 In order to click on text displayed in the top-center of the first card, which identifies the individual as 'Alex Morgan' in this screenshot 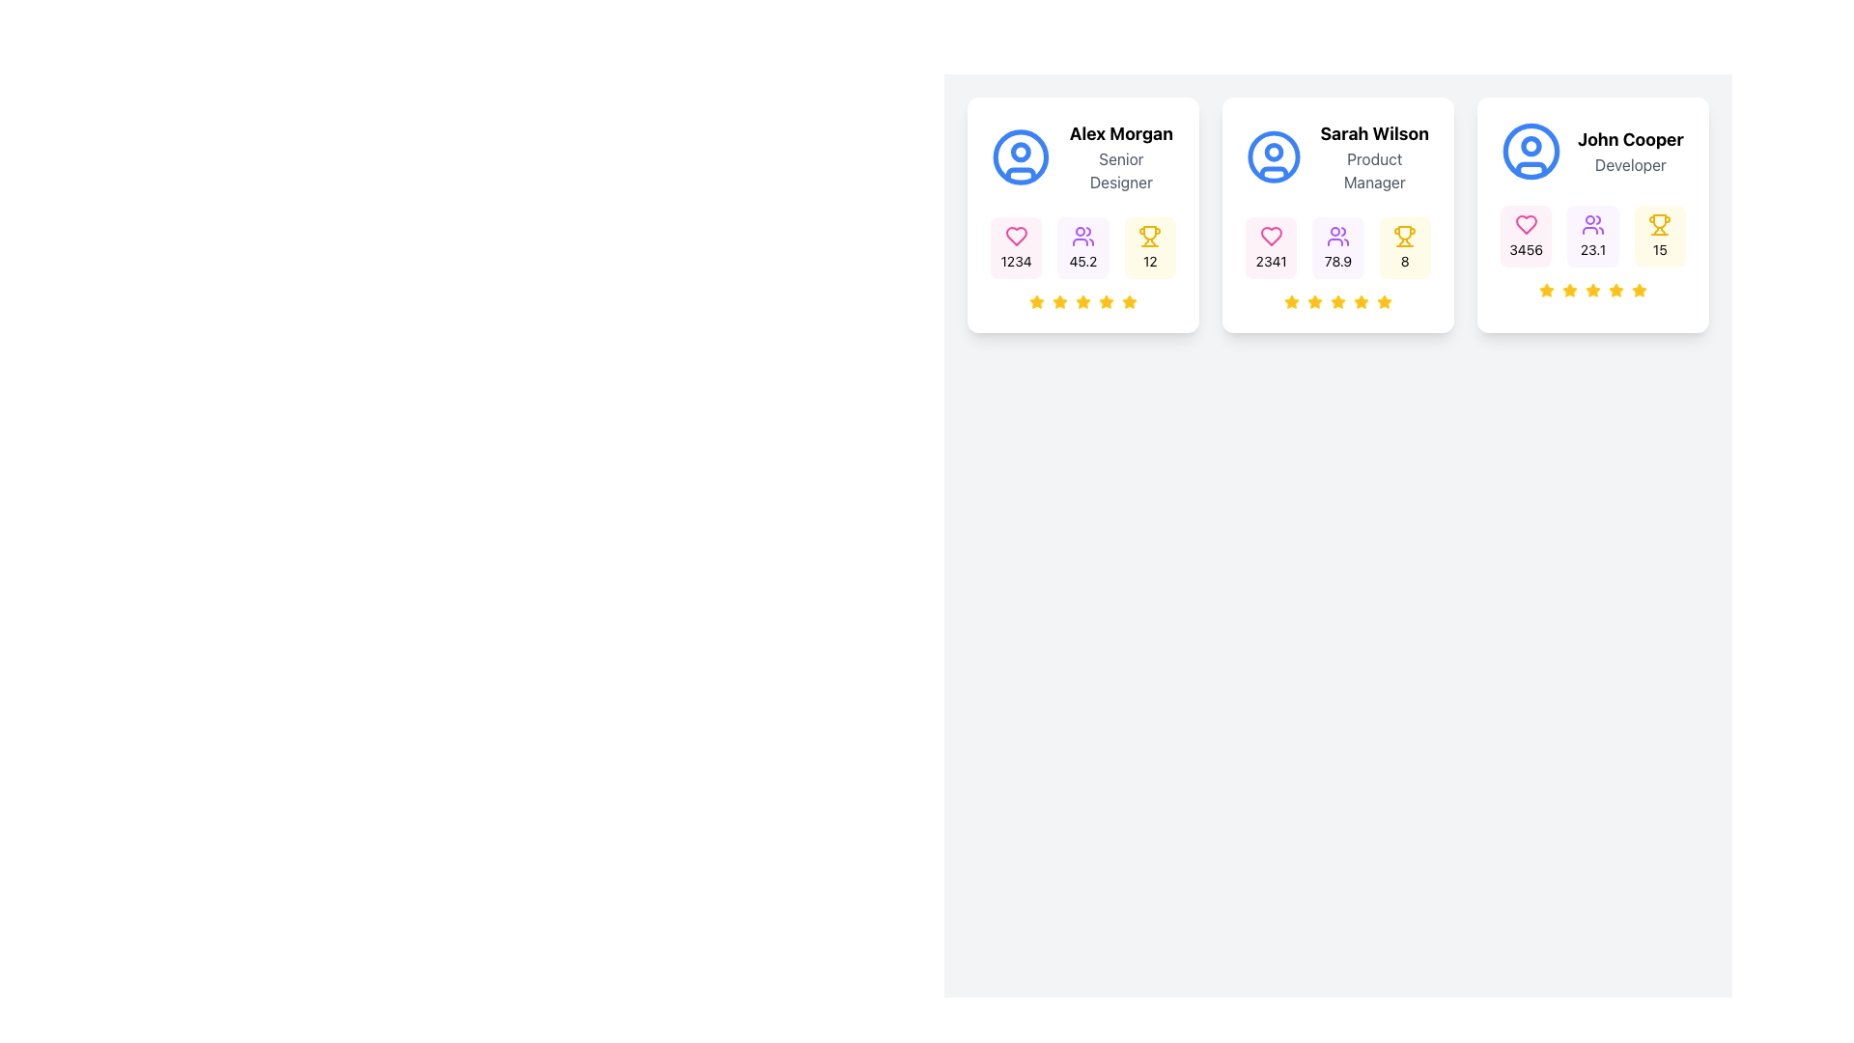, I will do `click(1121, 132)`.